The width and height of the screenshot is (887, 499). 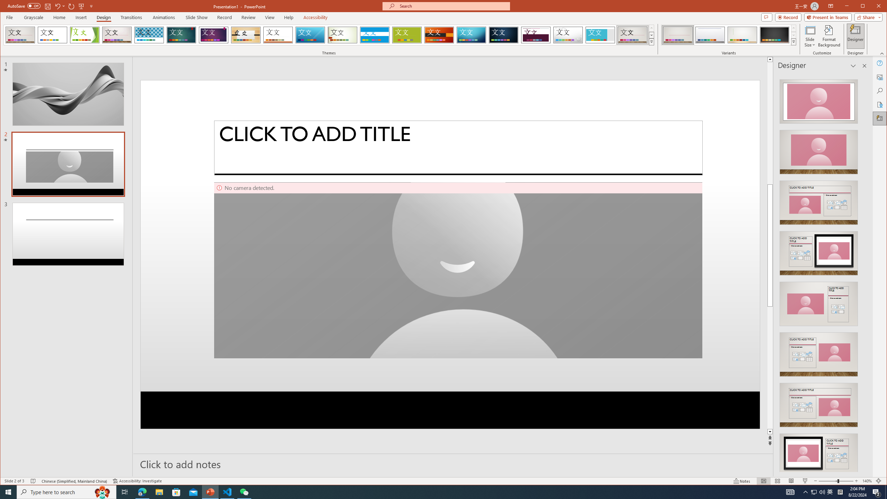 What do you see at coordinates (504, 35) in the screenshot?
I see `'Damask'` at bounding box center [504, 35].